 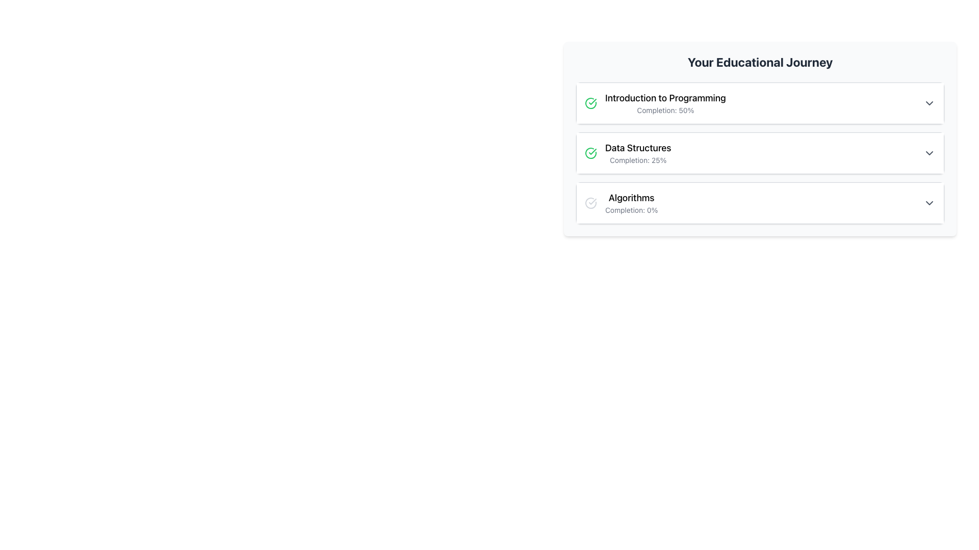 What do you see at coordinates (760, 153) in the screenshot?
I see `the List Item representing the course titled 'Data Structures'` at bounding box center [760, 153].